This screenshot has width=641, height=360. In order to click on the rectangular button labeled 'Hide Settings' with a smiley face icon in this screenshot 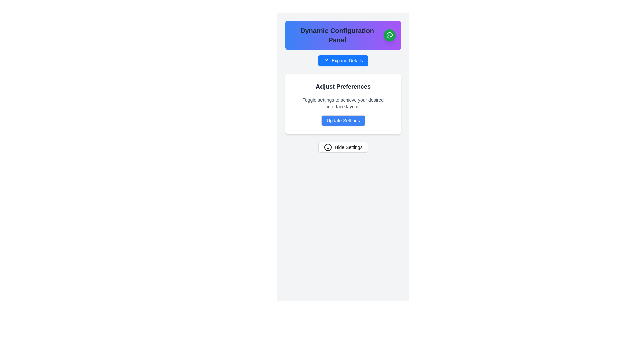, I will do `click(343, 147)`.